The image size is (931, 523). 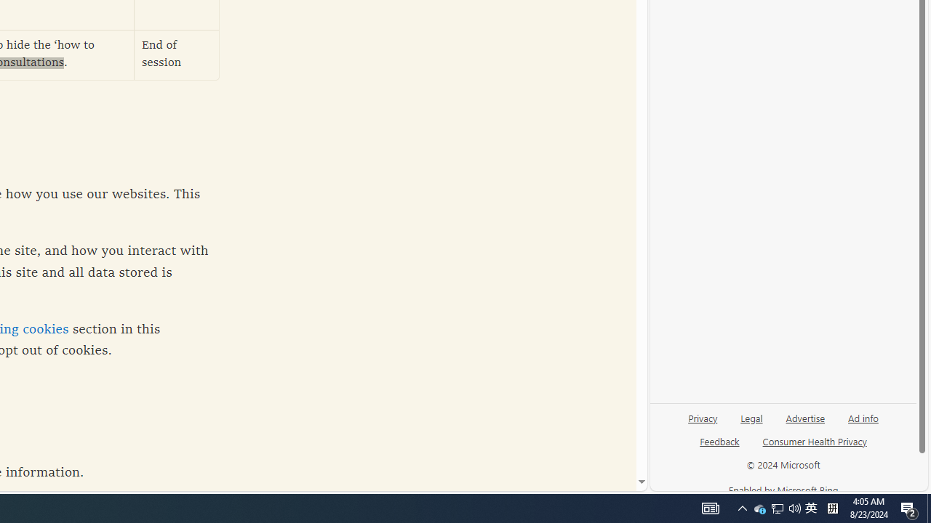 What do you see at coordinates (751, 417) in the screenshot?
I see `'Legal'` at bounding box center [751, 417].